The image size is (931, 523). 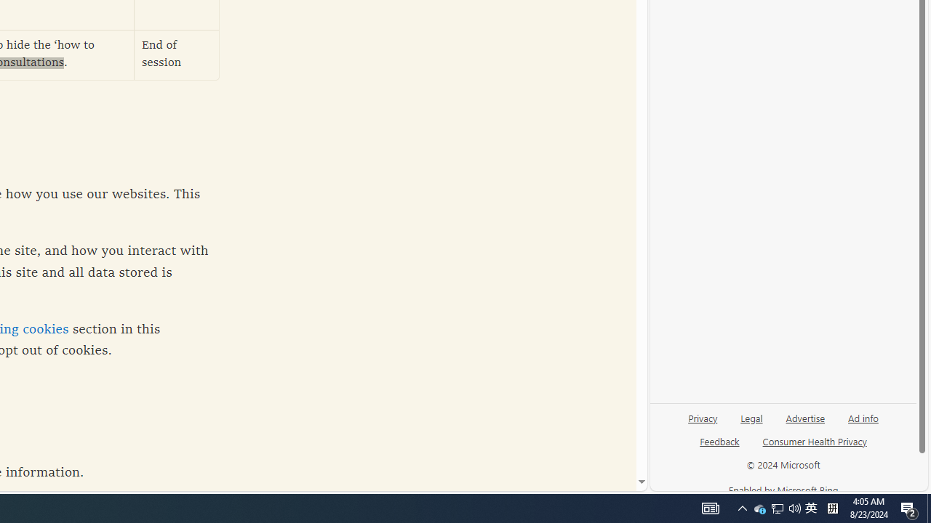 What do you see at coordinates (751, 417) in the screenshot?
I see `'Legal'` at bounding box center [751, 417].